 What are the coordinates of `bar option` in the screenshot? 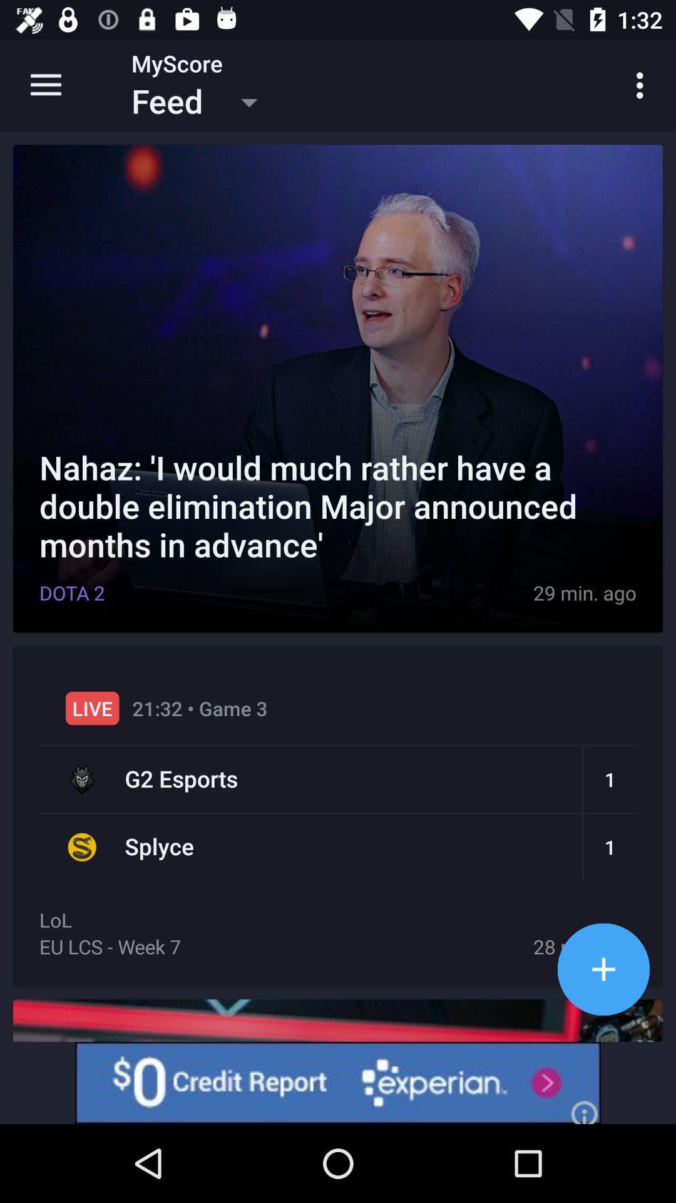 It's located at (603, 969).